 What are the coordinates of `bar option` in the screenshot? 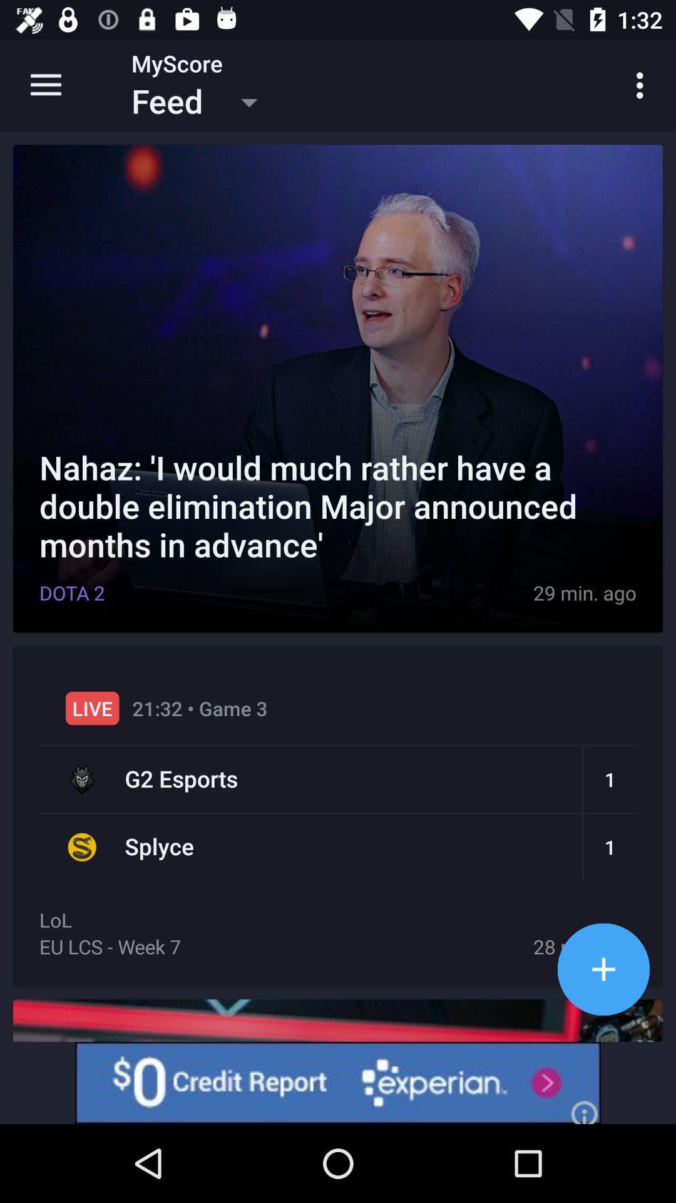 It's located at (603, 969).